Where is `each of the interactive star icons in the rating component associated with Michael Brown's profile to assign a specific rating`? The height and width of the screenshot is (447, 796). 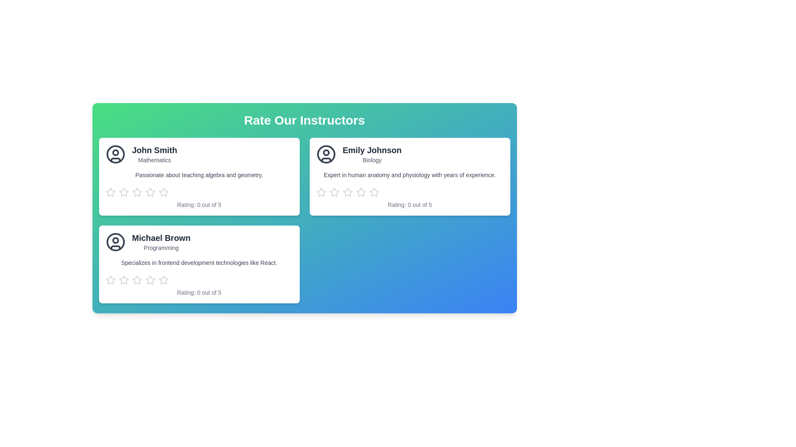
each of the interactive star icons in the rating component associated with Michael Brown's profile to assign a specific rating is located at coordinates (199, 280).